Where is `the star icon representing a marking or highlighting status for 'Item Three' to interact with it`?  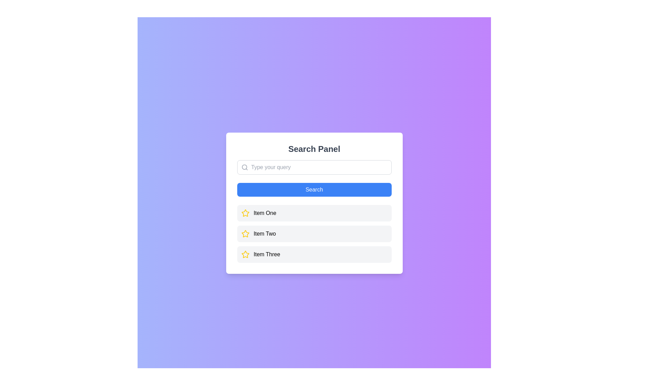
the star icon representing a marking or highlighting status for 'Item Three' to interact with it is located at coordinates (245, 254).